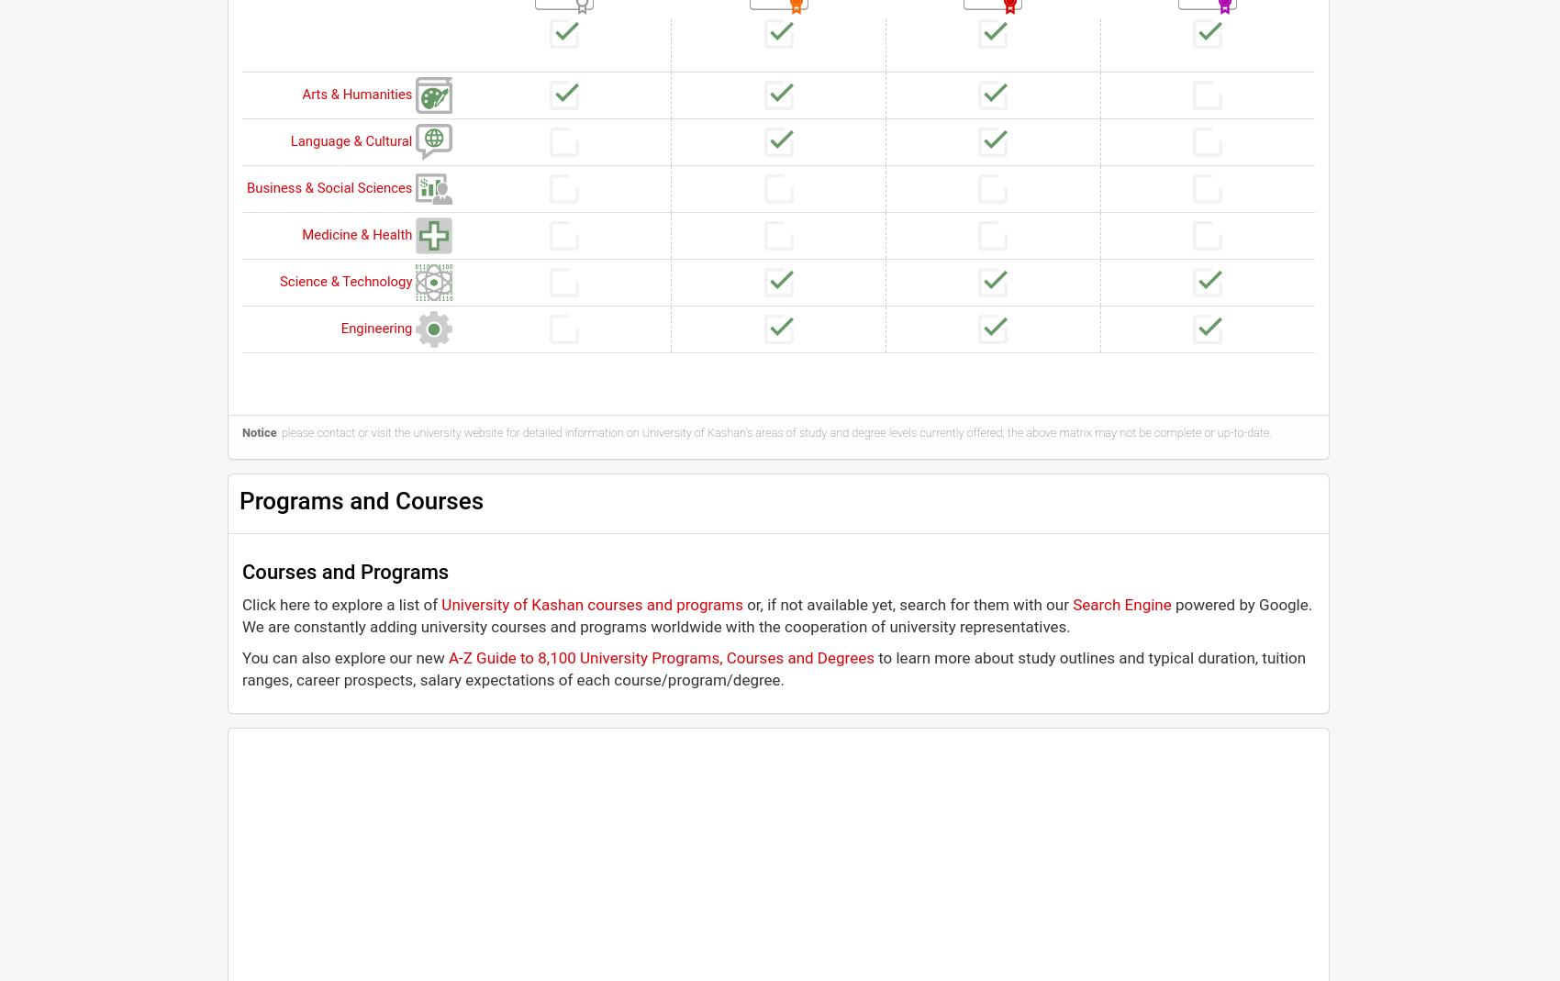 Image resolution: width=1560 pixels, height=981 pixels. I want to click on 'to learn more about study outlines and typical duration, tuition ranges, career prospects, salary expectations of each course/program/degree.', so click(242, 666).